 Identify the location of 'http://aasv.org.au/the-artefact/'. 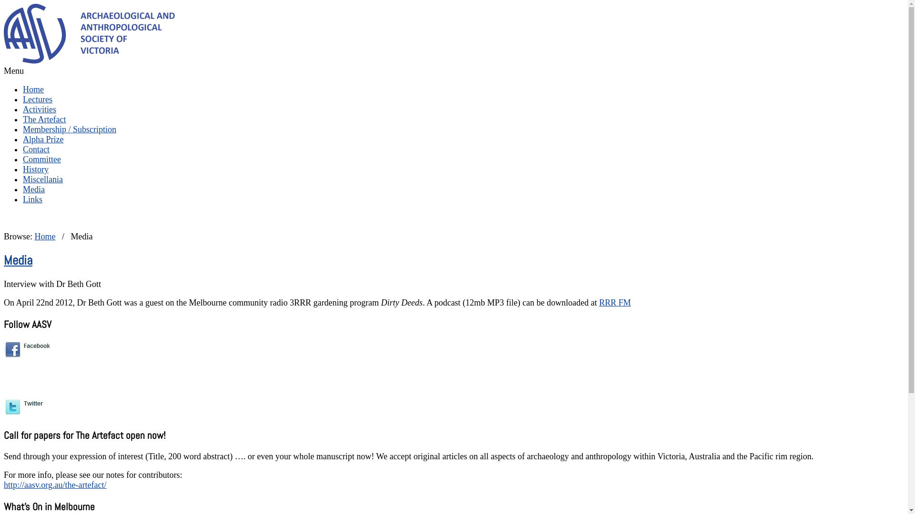
(54, 484).